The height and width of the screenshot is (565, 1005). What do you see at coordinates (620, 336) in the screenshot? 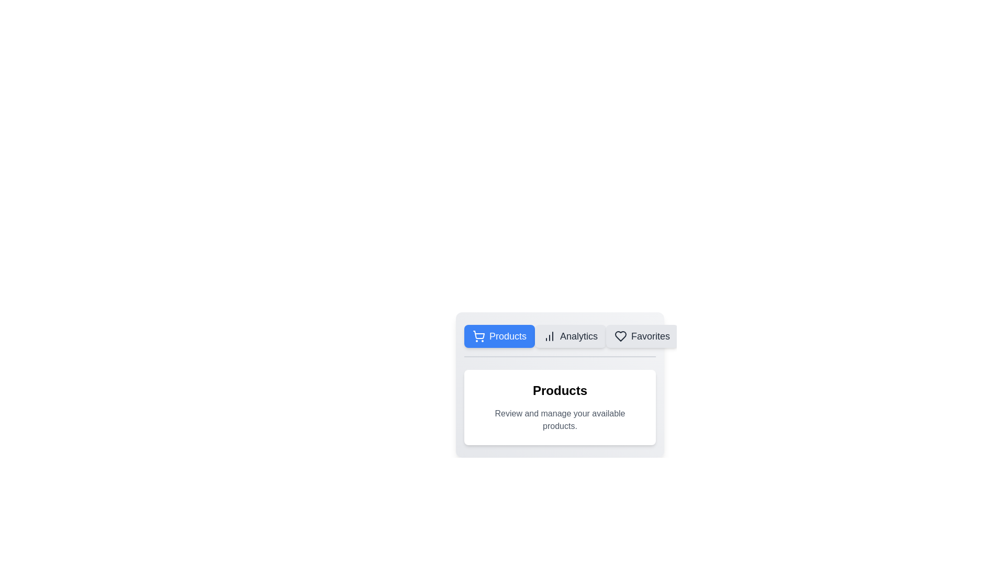
I see `the heart-shaped icon outlined in a dark border, located to the left of the 'Favorites' text label in the horizontal menu bar at the top of the content card` at bounding box center [620, 336].